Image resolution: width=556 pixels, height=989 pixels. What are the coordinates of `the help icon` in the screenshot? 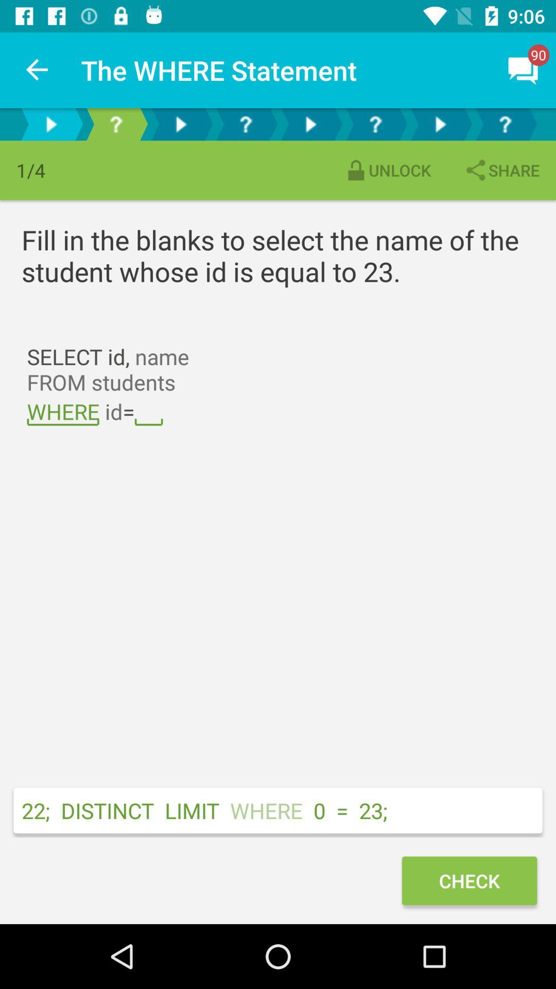 It's located at (375, 124).